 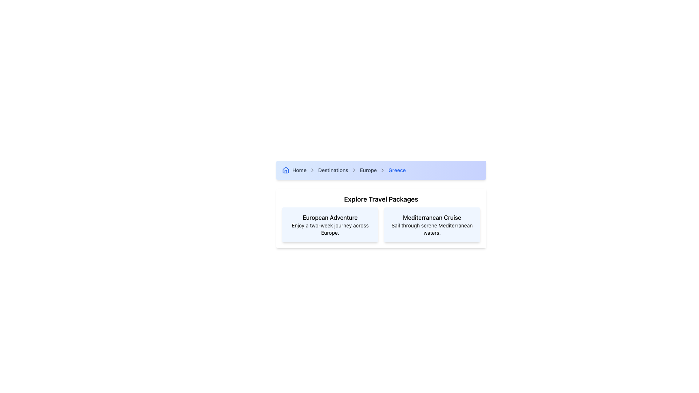 What do you see at coordinates (380, 199) in the screenshot?
I see `header text 'Explore Travel Packages' which is centrally positioned above the grid of travel package cards and is displayed in a bold and large font style` at bounding box center [380, 199].